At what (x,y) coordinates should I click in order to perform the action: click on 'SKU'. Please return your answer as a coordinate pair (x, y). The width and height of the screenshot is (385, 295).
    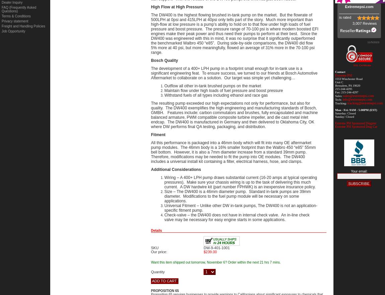
    Looking at the image, I should click on (154, 247).